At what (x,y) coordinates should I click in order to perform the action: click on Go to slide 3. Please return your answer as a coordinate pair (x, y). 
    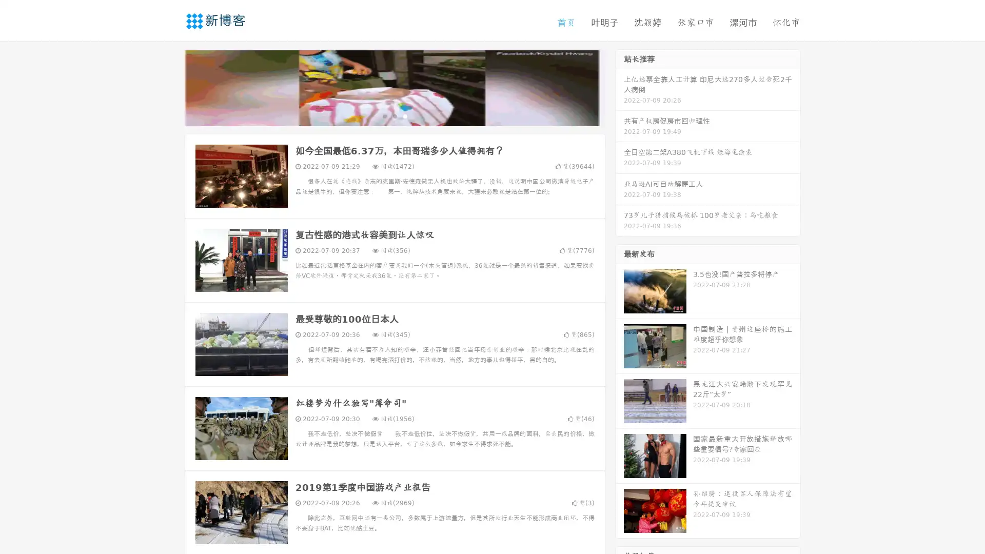
    Looking at the image, I should click on (405, 115).